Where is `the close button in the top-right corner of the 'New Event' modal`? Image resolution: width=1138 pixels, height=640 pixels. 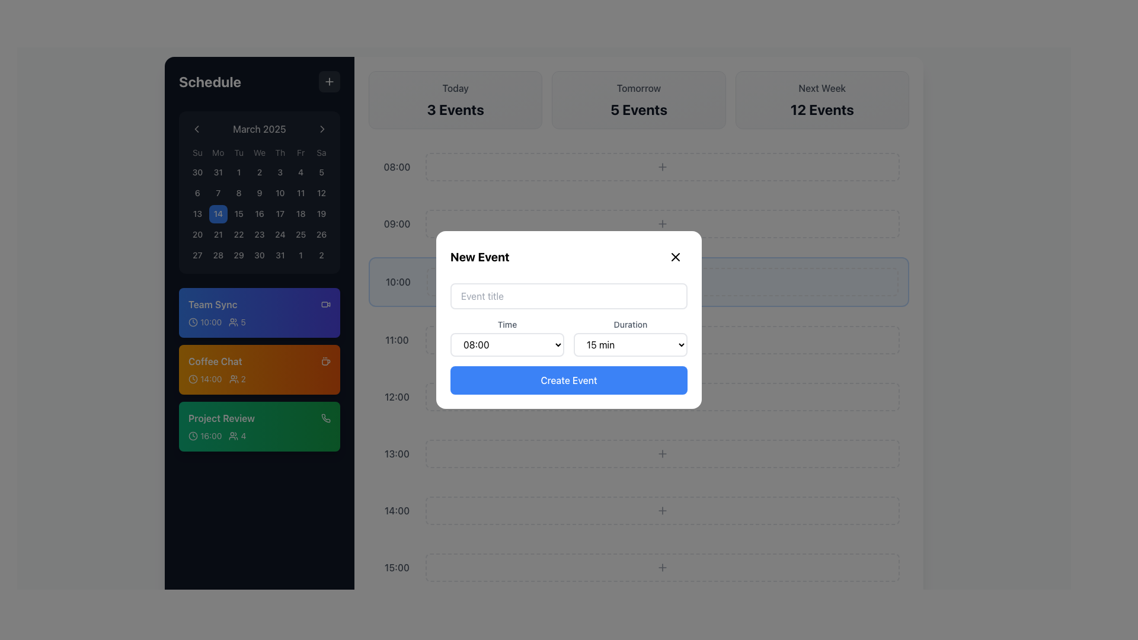 the close button in the top-right corner of the 'New Event' modal is located at coordinates (676, 257).